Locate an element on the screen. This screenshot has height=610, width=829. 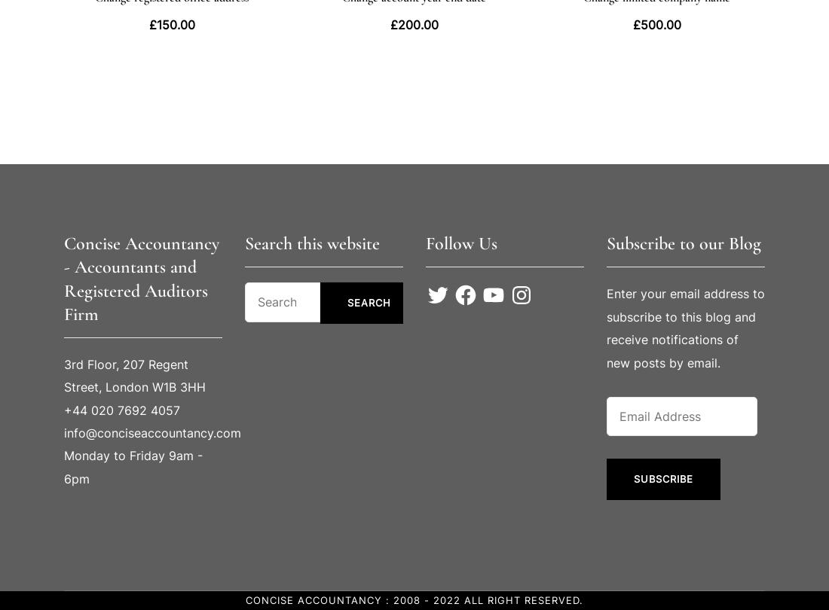
'200.00' is located at coordinates (397, 23).